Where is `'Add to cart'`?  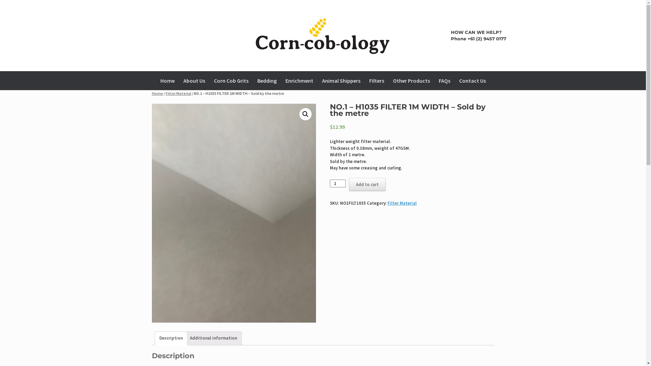 'Add to cart' is located at coordinates (367, 184).